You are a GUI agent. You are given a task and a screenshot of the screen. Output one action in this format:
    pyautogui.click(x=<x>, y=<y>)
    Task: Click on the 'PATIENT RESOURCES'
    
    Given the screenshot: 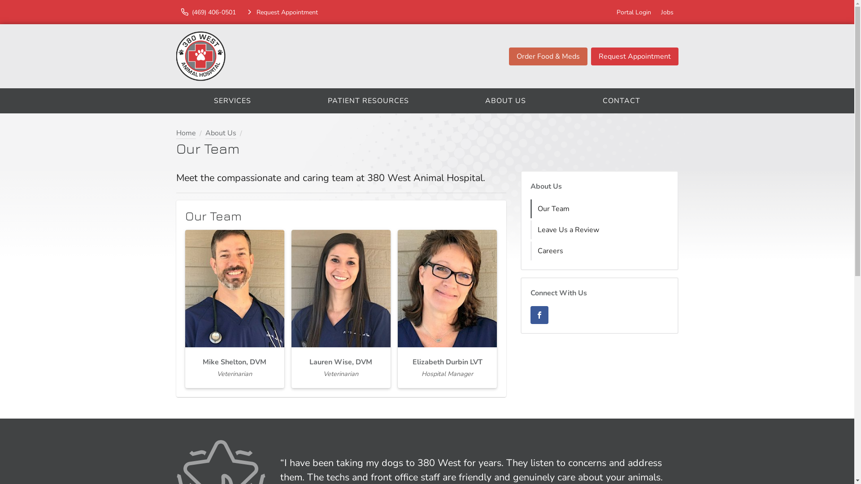 What is the action you would take?
    pyautogui.click(x=368, y=100)
    